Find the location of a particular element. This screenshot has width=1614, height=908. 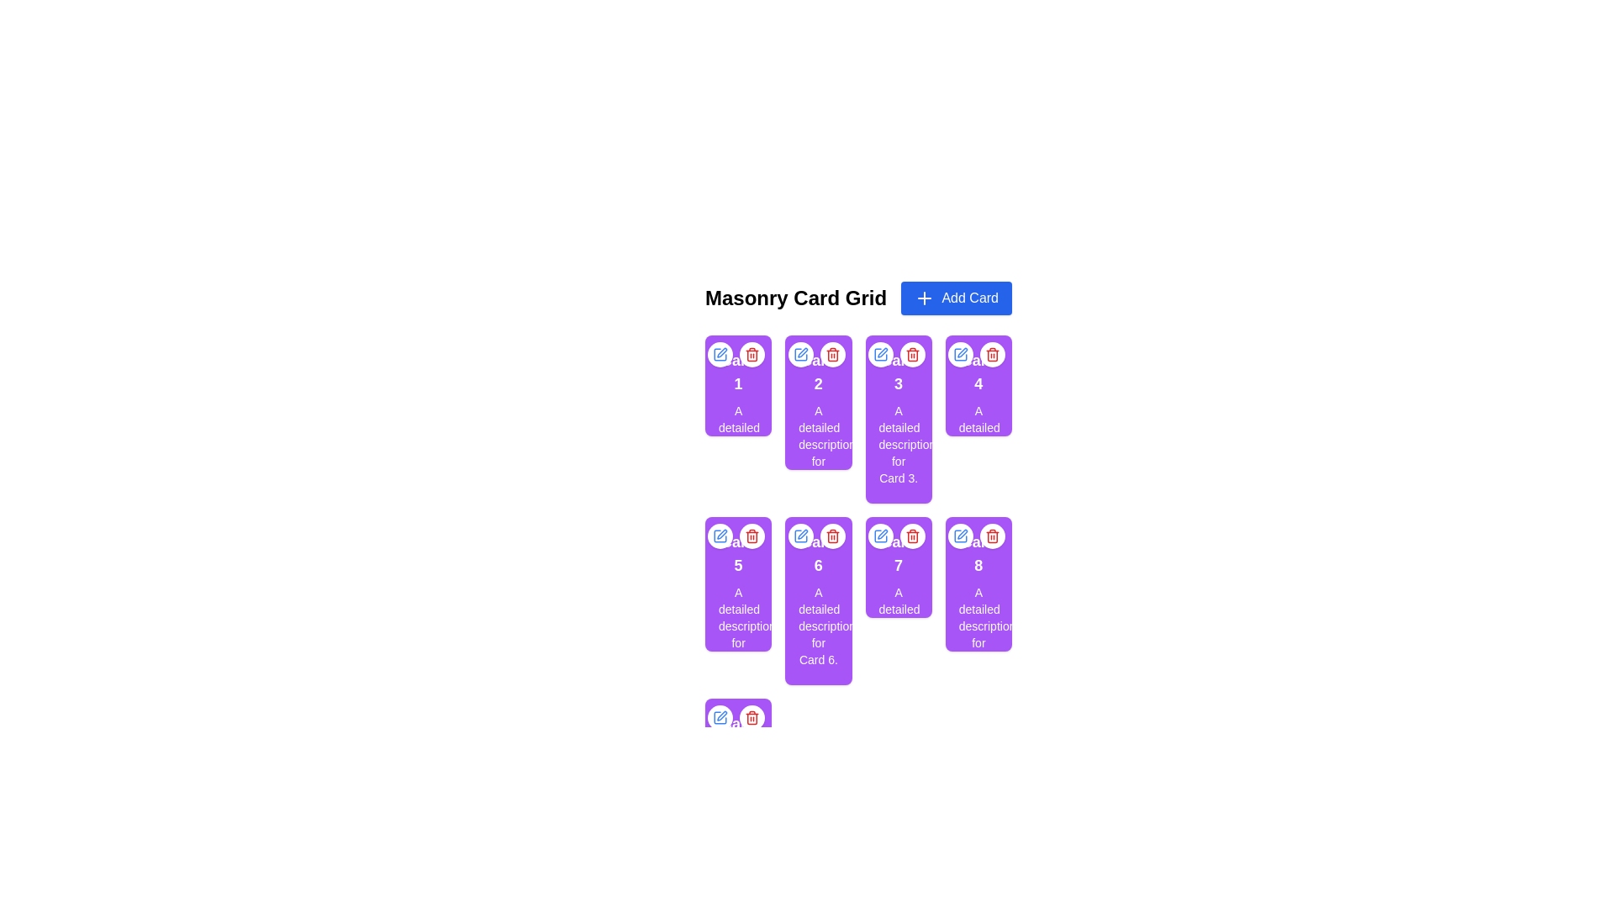

the delete button in the button group located at the top-right corner of 'Card 7', which has a purple background with white text, to initiate deletion is located at coordinates (895, 536).